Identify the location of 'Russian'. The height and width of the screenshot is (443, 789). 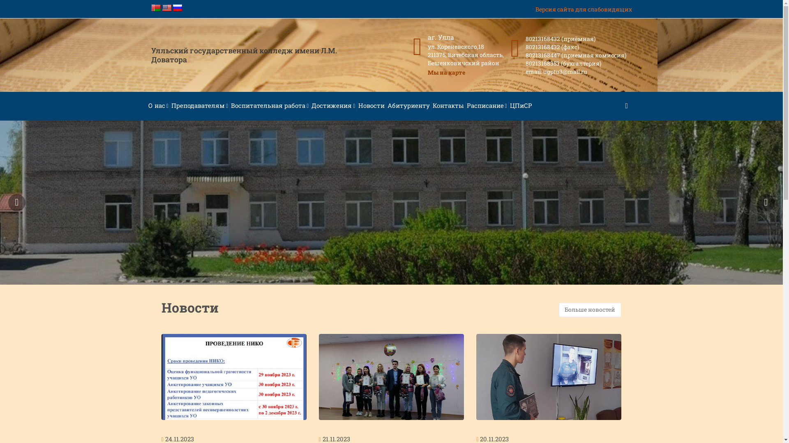
(172, 8).